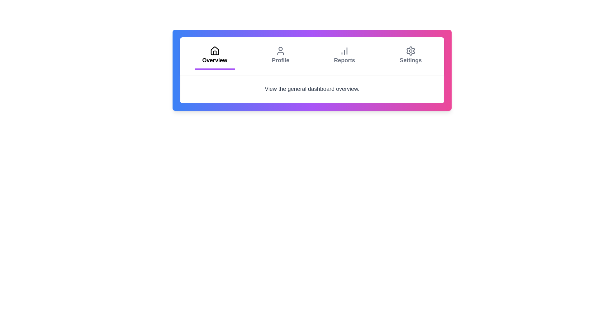 Image resolution: width=598 pixels, height=336 pixels. What do you see at coordinates (280, 51) in the screenshot?
I see `the 'Profile' icon in the navigation bar` at bounding box center [280, 51].